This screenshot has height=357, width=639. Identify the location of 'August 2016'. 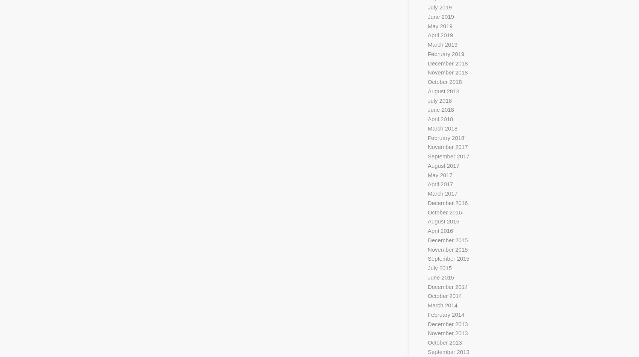
(427, 221).